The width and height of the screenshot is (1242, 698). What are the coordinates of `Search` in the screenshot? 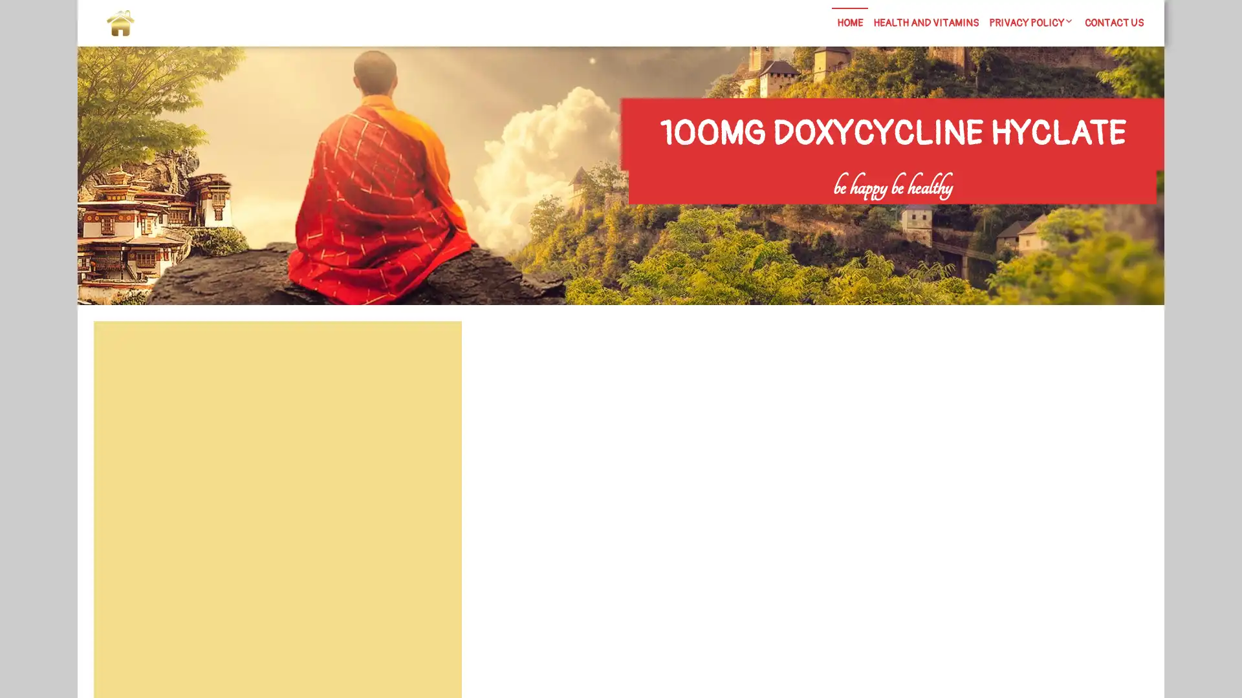 It's located at (431, 352).